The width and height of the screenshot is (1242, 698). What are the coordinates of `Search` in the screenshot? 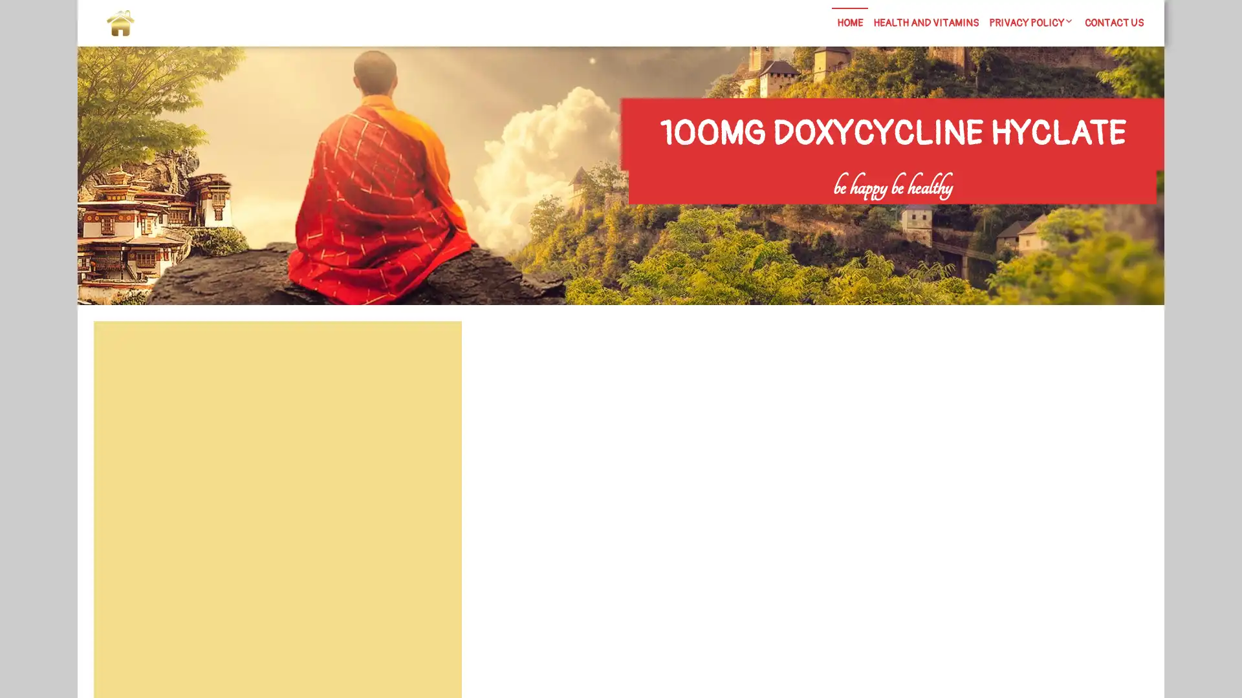 It's located at (431, 352).